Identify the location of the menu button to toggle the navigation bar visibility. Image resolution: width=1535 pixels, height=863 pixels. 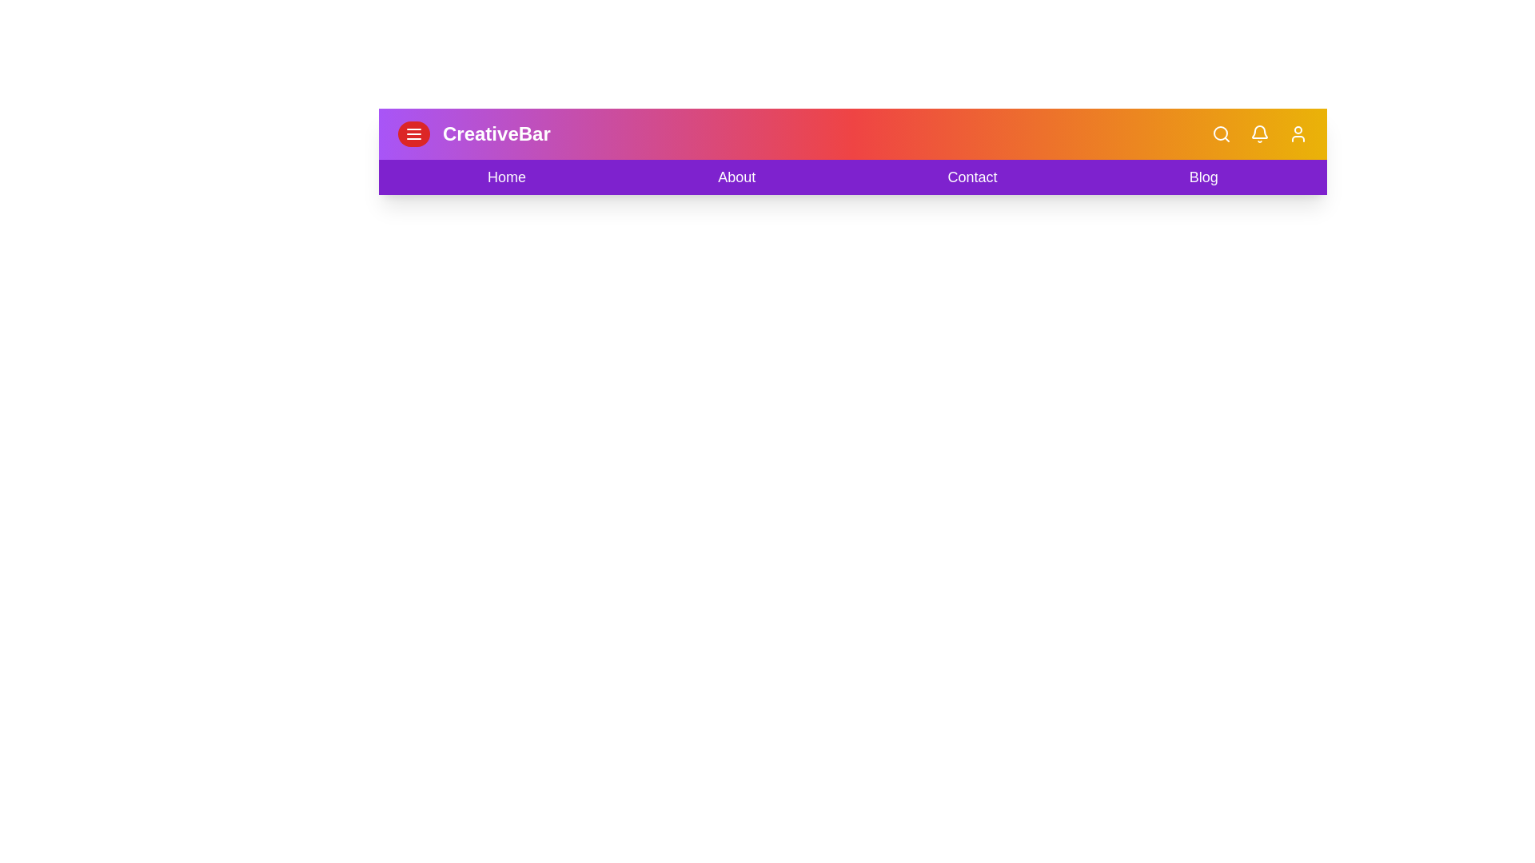
(414, 133).